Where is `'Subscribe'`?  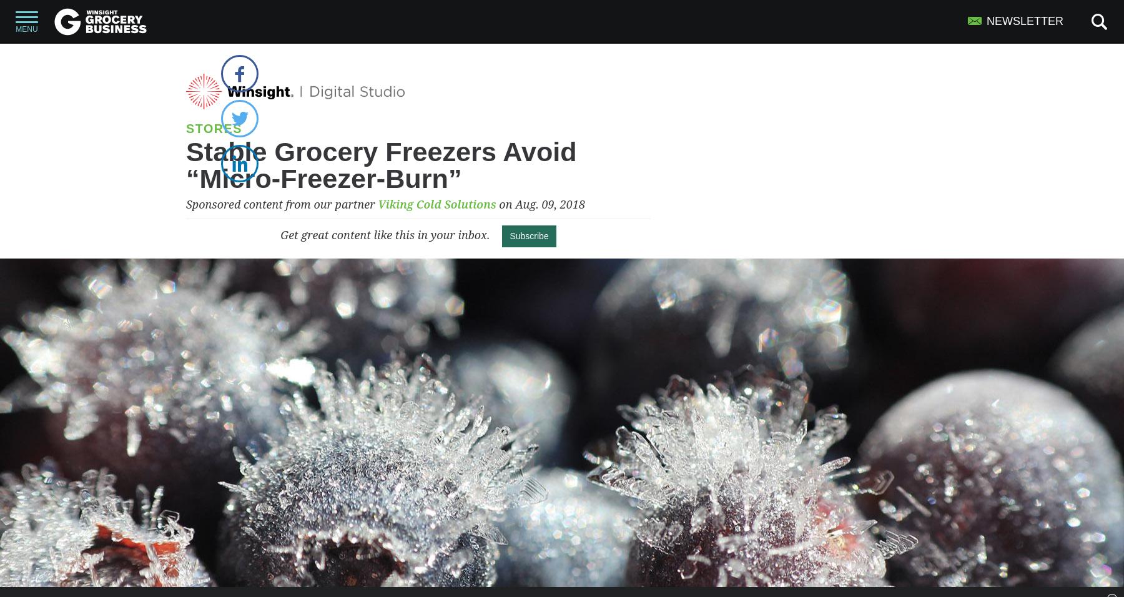 'Subscribe' is located at coordinates (529, 236).